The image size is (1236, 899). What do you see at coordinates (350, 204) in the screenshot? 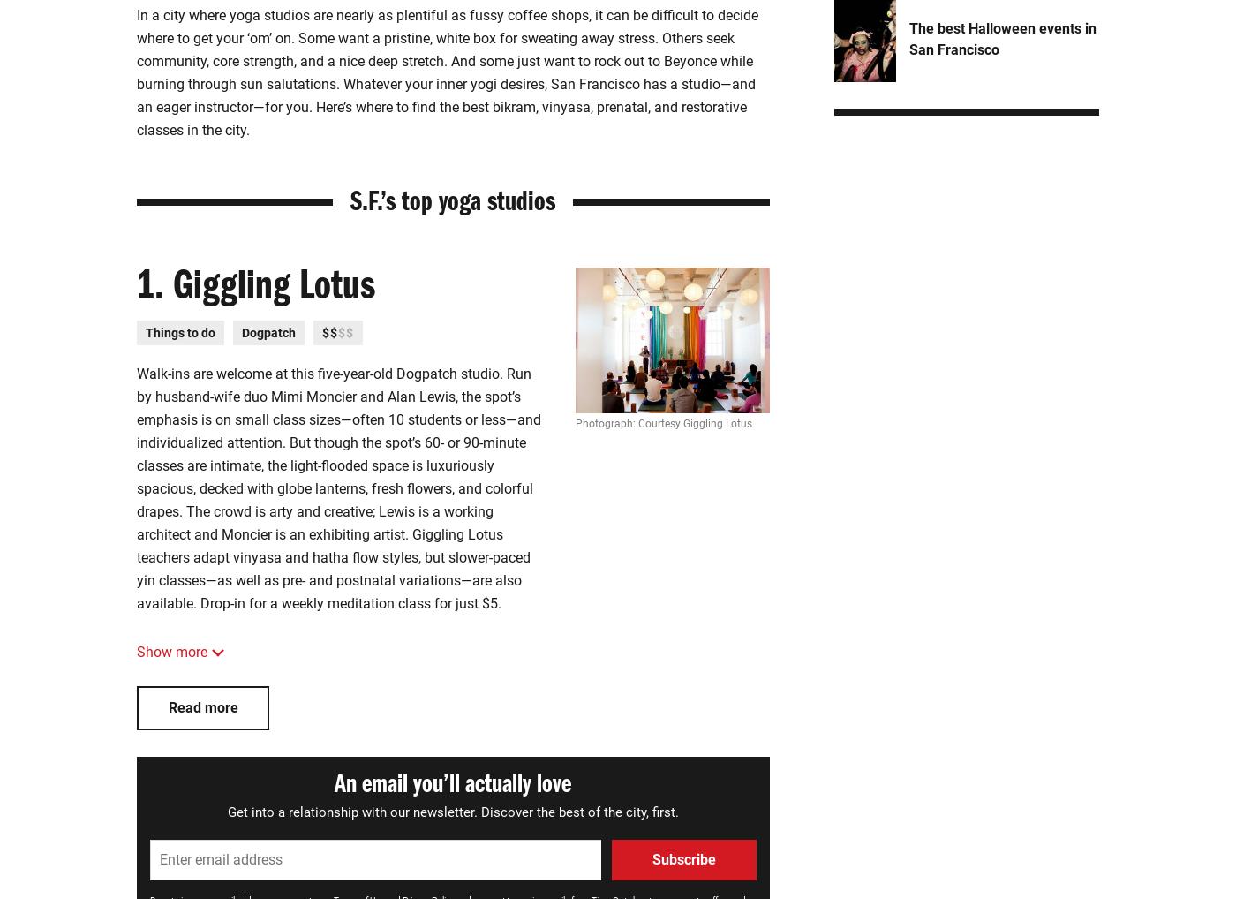
I see `'S.F.’s top yoga studios'` at bounding box center [350, 204].